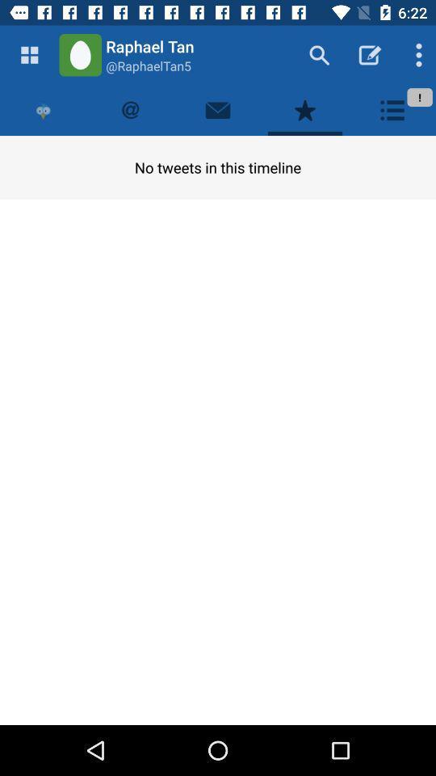  Describe the element at coordinates (218, 167) in the screenshot. I see `the no tweets in icon` at that location.